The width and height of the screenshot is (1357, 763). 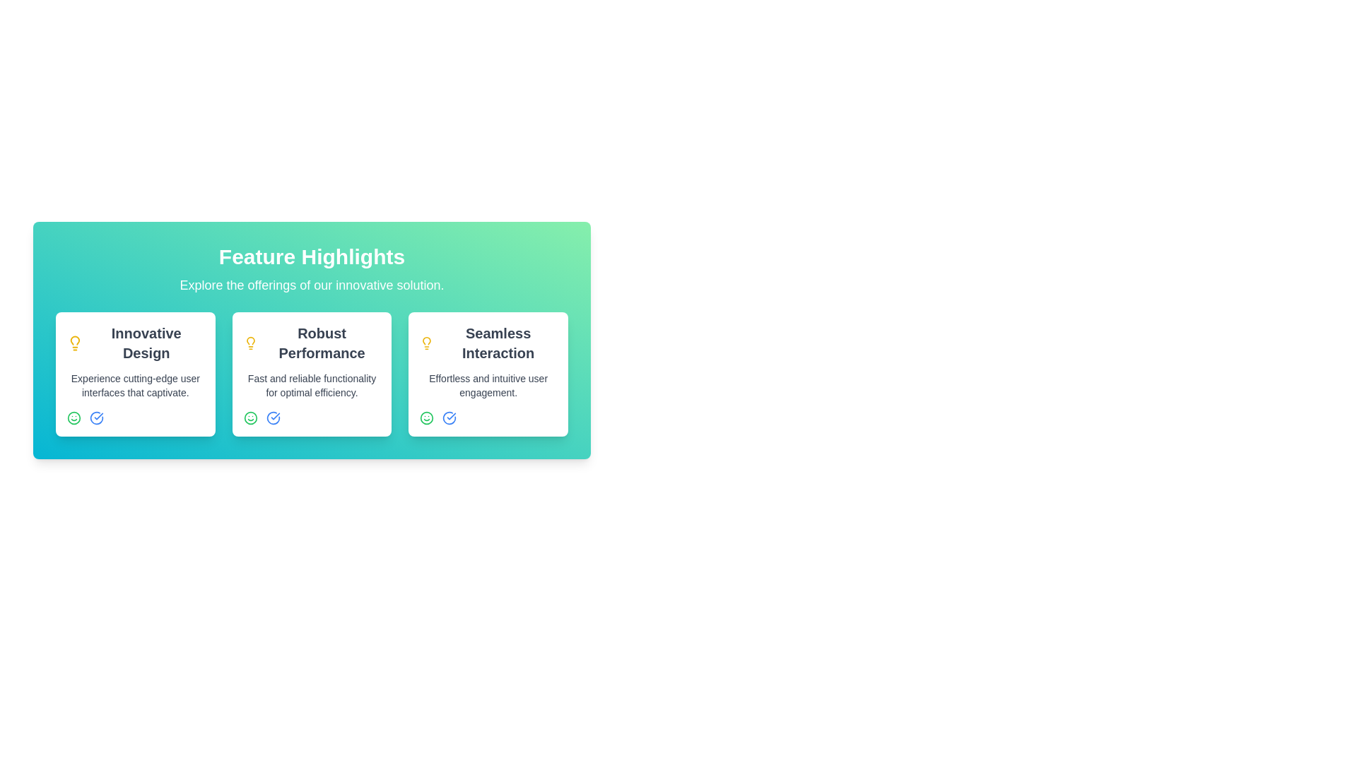 What do you see at coordinates (311, 386) in the screenshot?
I see `the informational text element that provides insight into the 'Robust Performance' feature, located as the second line of text in the middle card titled 'Robust Performance'` at bounding box center [311, 386].